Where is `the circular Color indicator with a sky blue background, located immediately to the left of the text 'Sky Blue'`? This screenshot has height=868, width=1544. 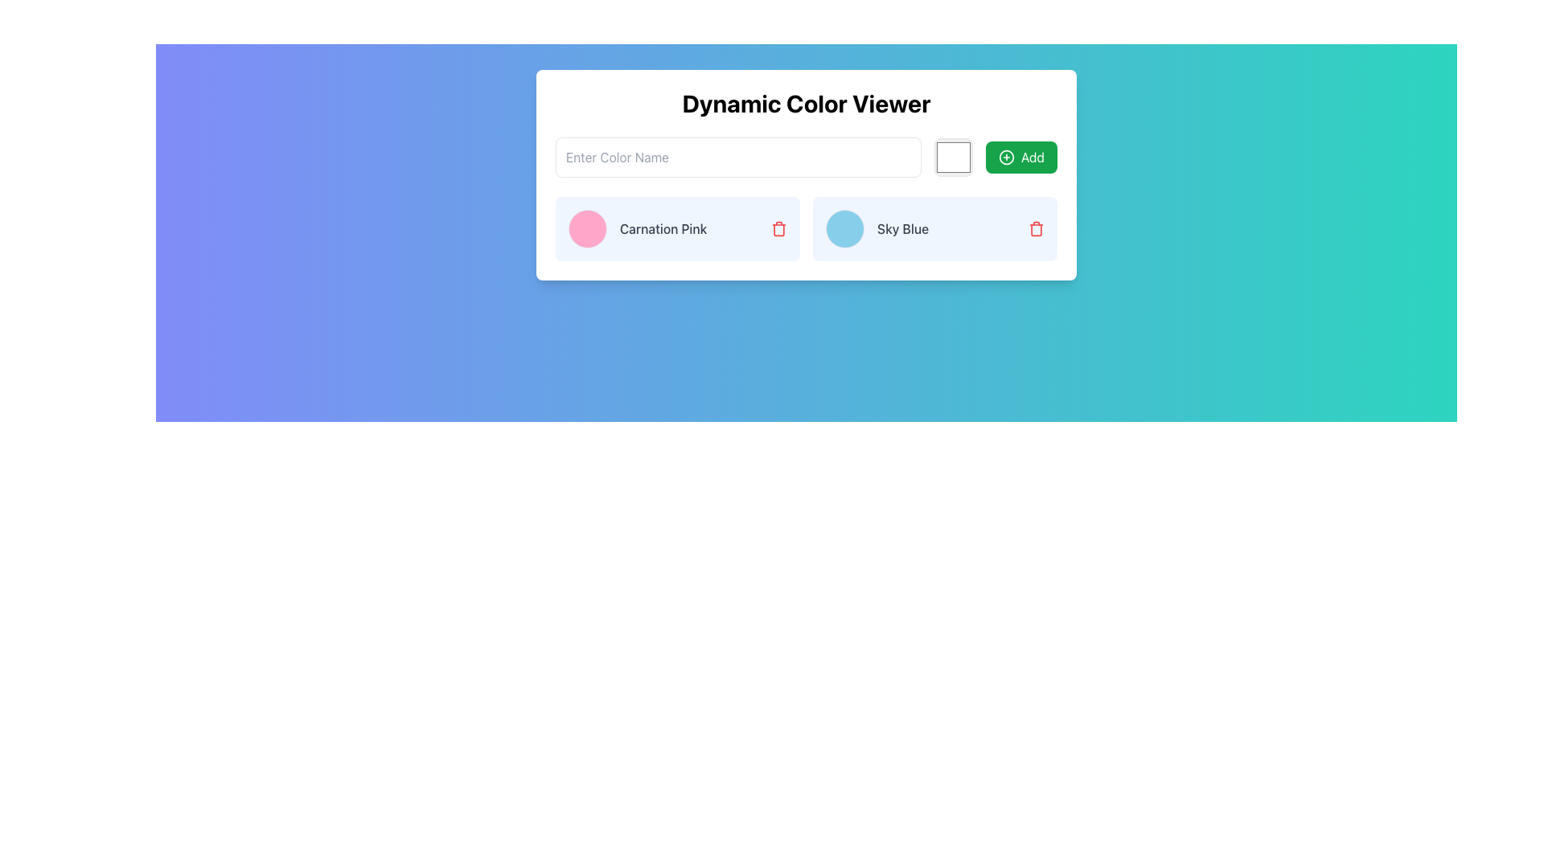
the circular Color indicator with a sky blue background, located immediately to the left of the text 'Sky Blue' is located at coordinates (844, 229).